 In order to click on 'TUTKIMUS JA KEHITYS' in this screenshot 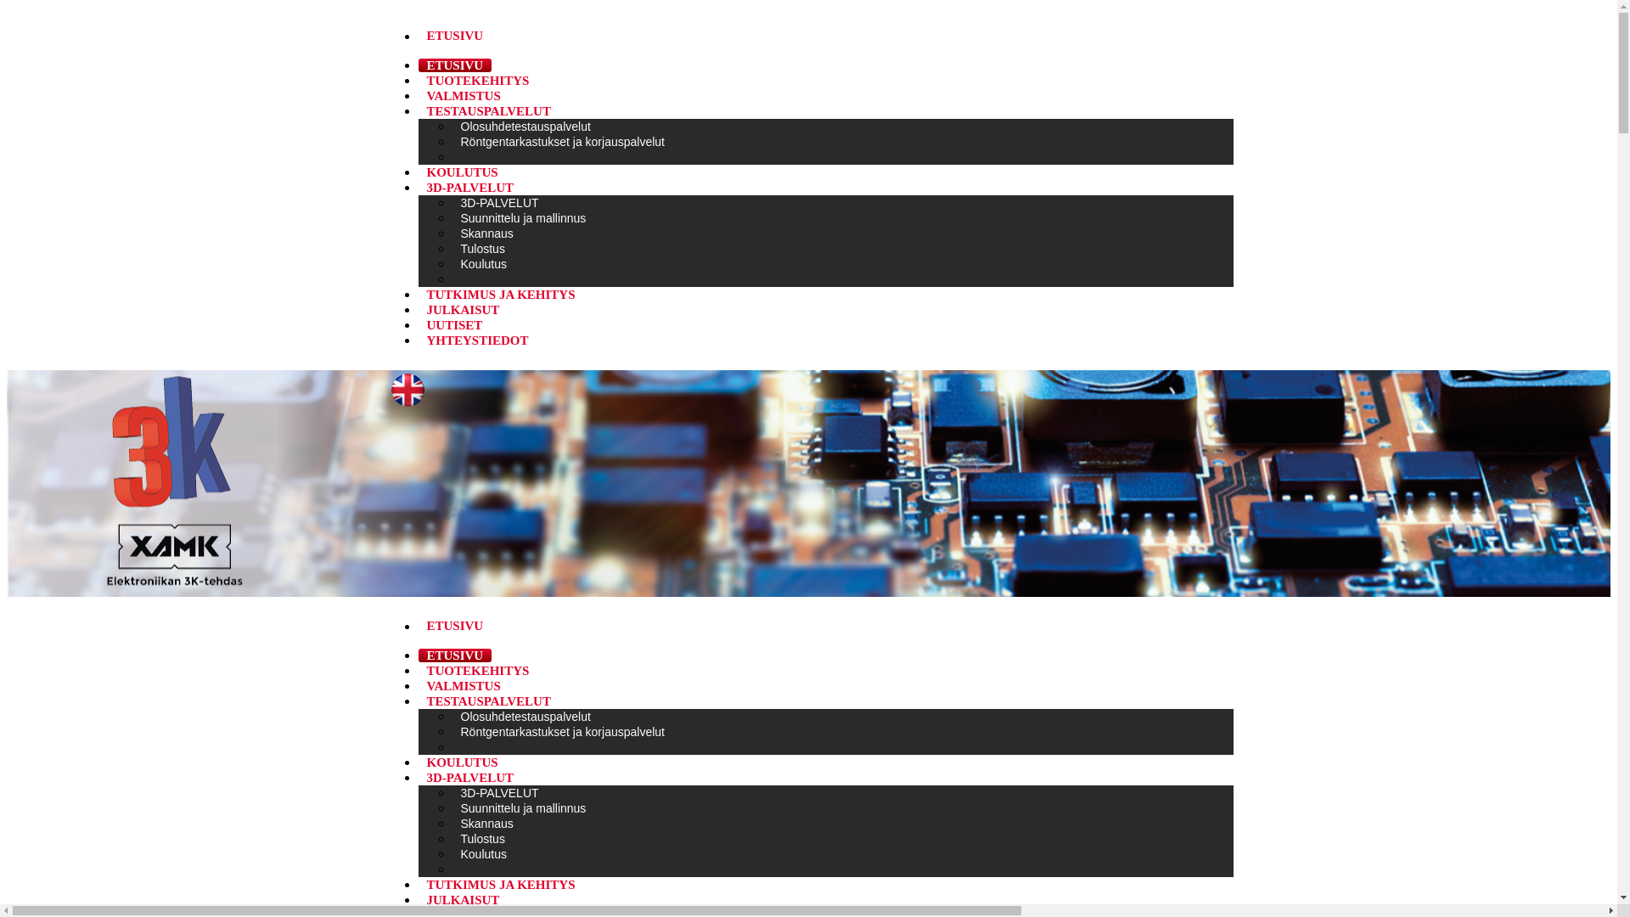, I will do `click(499, 883)`.